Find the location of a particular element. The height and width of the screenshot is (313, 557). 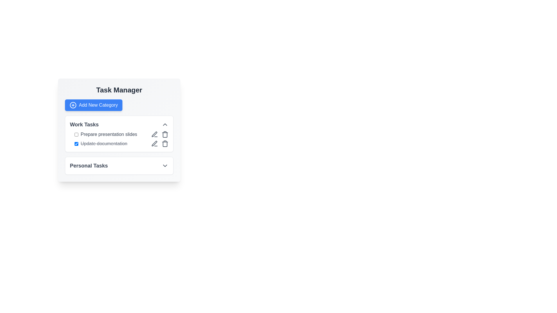

the checkbox of the second task item in the 'Work Tasks' section to mark it as complete is located at coordinates (119, 139).